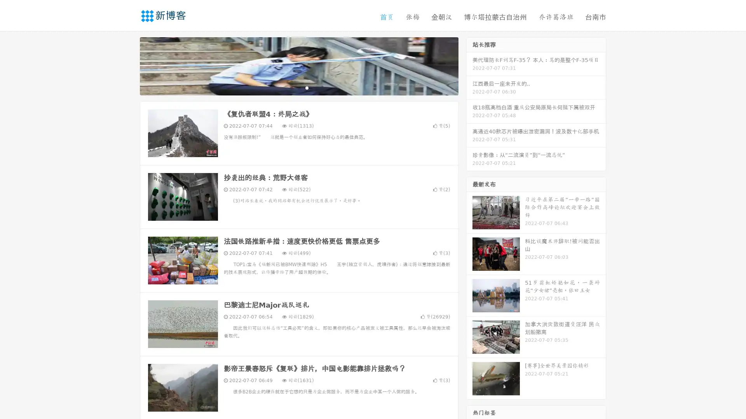 This screenshot has height=419, width=746. What do you see at coordinates (307, 87) in the screenshot?
I see `Go to slide 3` at bounding box center [307, 87].